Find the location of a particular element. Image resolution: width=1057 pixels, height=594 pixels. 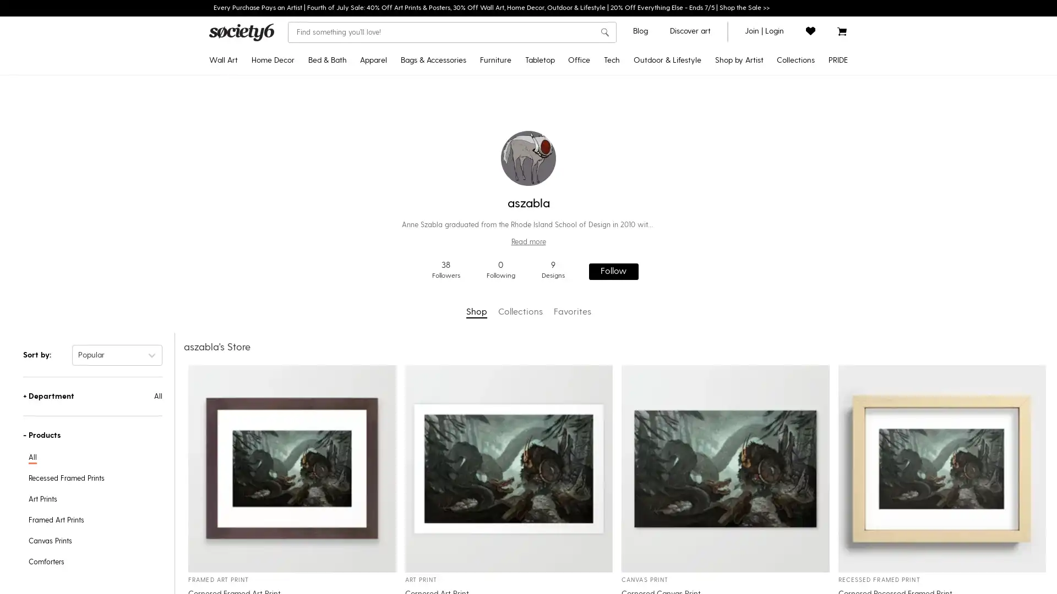

Face Masks is located at coordinates (441, 212).